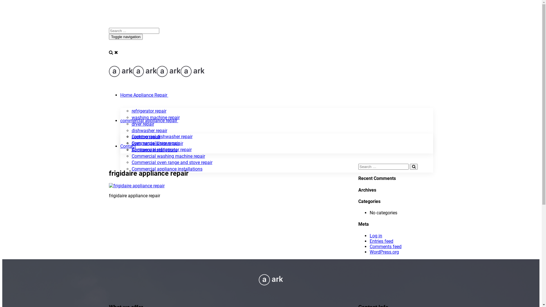 The image size is (546, 307). Describe the element at coordinates (125, 37) in the screenshot. I see `'Toggle navigation'` at that location.